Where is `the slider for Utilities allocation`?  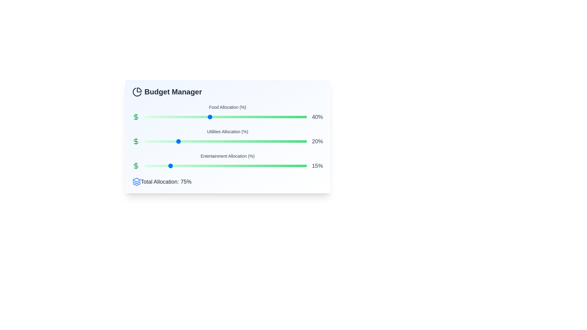
the slider for Utilities allocation is located at coordinates (225, 141).